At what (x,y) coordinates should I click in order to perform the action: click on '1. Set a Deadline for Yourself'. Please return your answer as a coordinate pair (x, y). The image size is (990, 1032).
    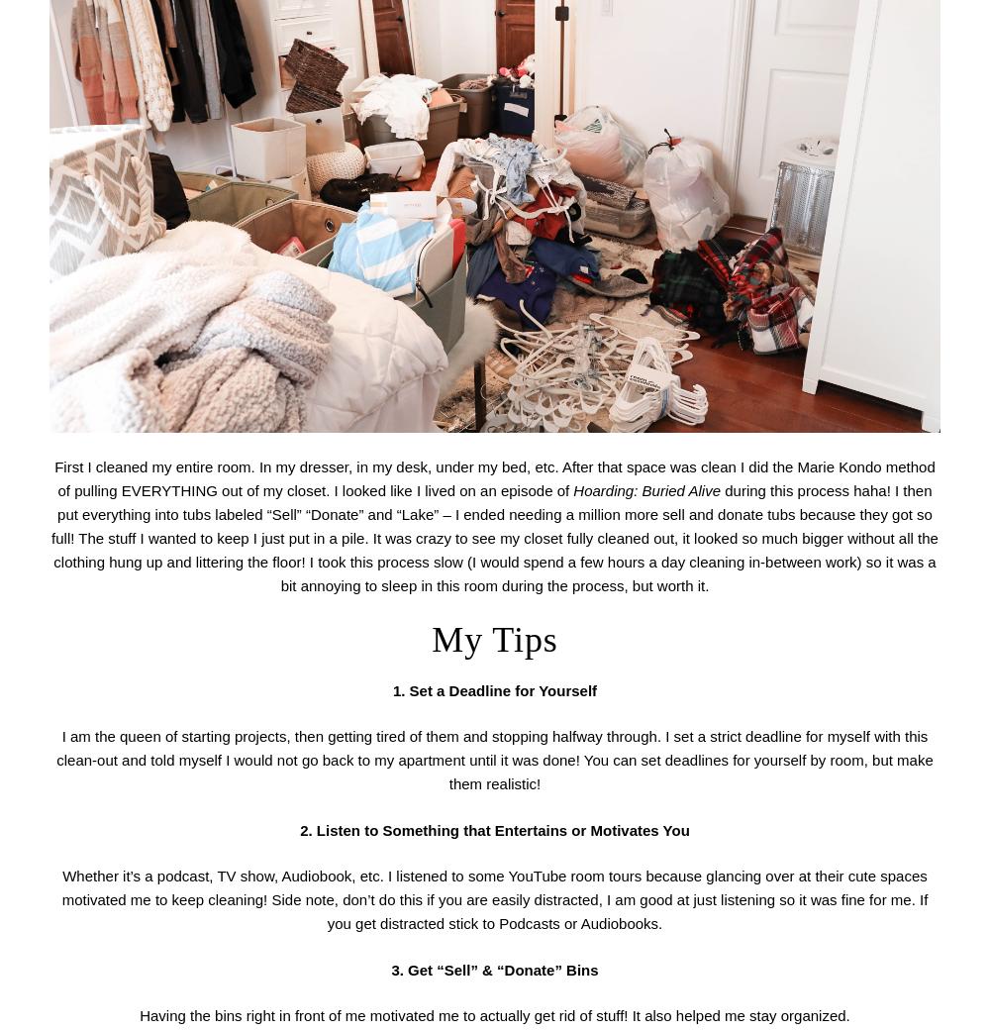
    Looking at the image, I should click on (493, 688).